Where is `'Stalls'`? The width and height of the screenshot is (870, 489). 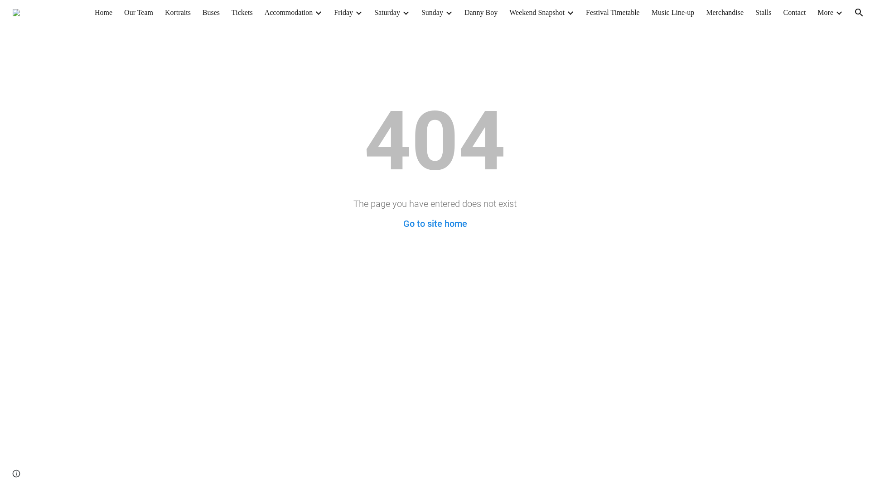 'Stalls' is located at coordinates (763, 12).